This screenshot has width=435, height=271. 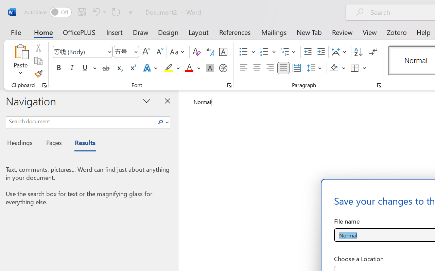 What do you see at coordinates (196, 52) in the screenshot?
I see `'Clear Formatting'` at bounding box center [196, 52].